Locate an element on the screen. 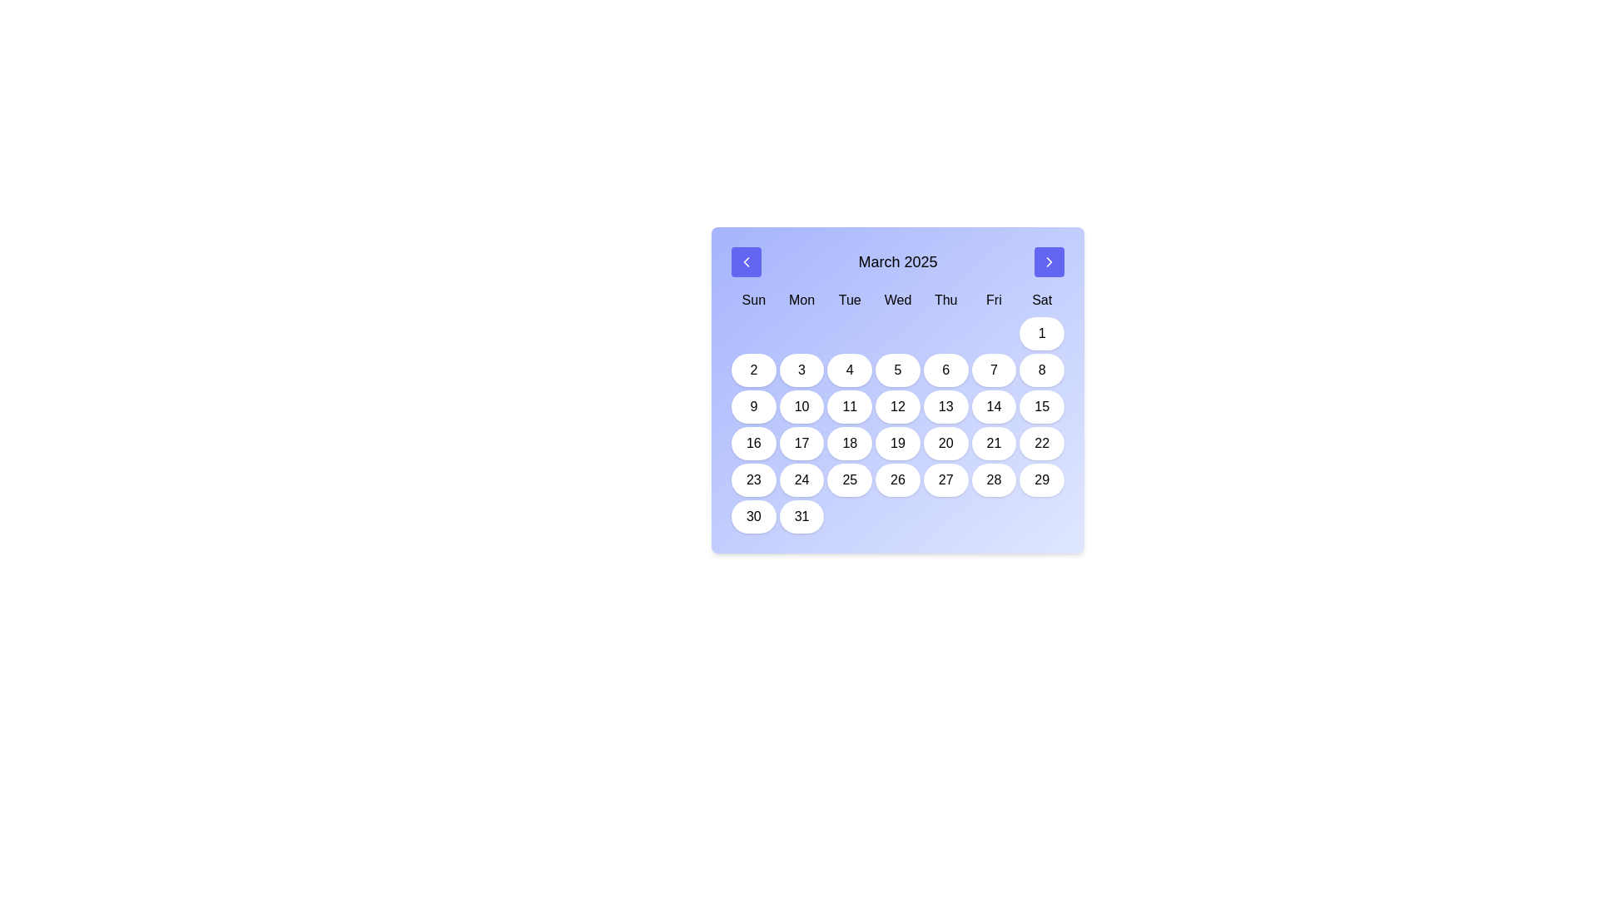 The width and height of the screenshot is (1598, 899). the Text label that indicates the currently displayed month and year in the calendar, which is centrally positioned in the calendar interface is located at coordinates (897, 262).